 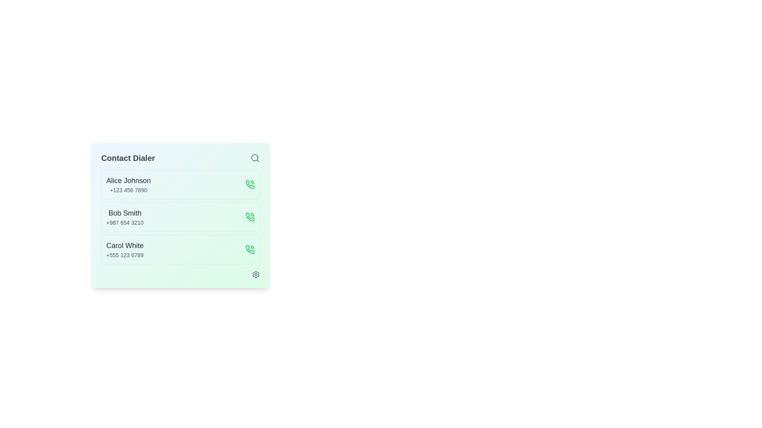 What do you see at coordinates (124, 212) in the screenshot?
I see `text from the contact name label located in the second row of the contact entries list, specifically positioned above the phone number '+987 654 3210'` at bounding box center [124, 212].